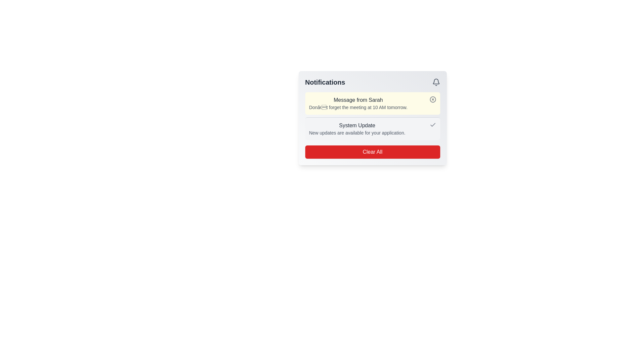 The height and width of the screenshot is (357, 635). Describe the element at coordinates (358, 107) in the screenshot. I see `information displayed in the text label that reads 'Don’t forget the meeting at 10 AM tomorrow.', which is located under the heading 'Message from Sarah'` at that location.